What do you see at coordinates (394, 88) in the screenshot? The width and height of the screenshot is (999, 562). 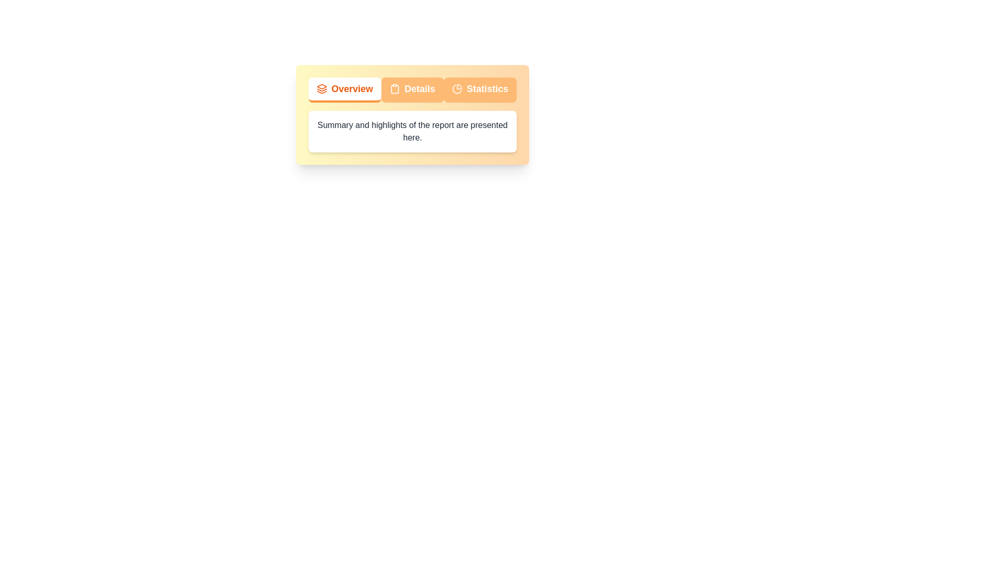 I see `the clipboard icon located to the left of the 'Details' text inside the 'Details' button` at bounding box center [394, 88].